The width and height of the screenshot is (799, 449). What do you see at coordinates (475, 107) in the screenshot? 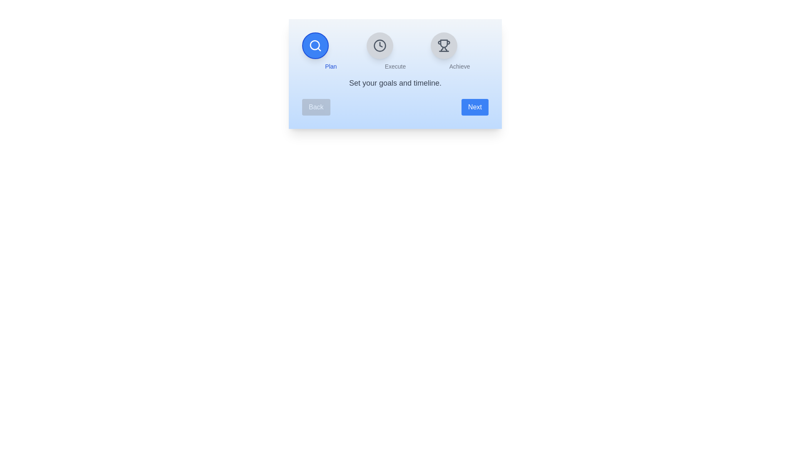
I see `the Next button to navigate between steps` at bounding box center [475, 107].